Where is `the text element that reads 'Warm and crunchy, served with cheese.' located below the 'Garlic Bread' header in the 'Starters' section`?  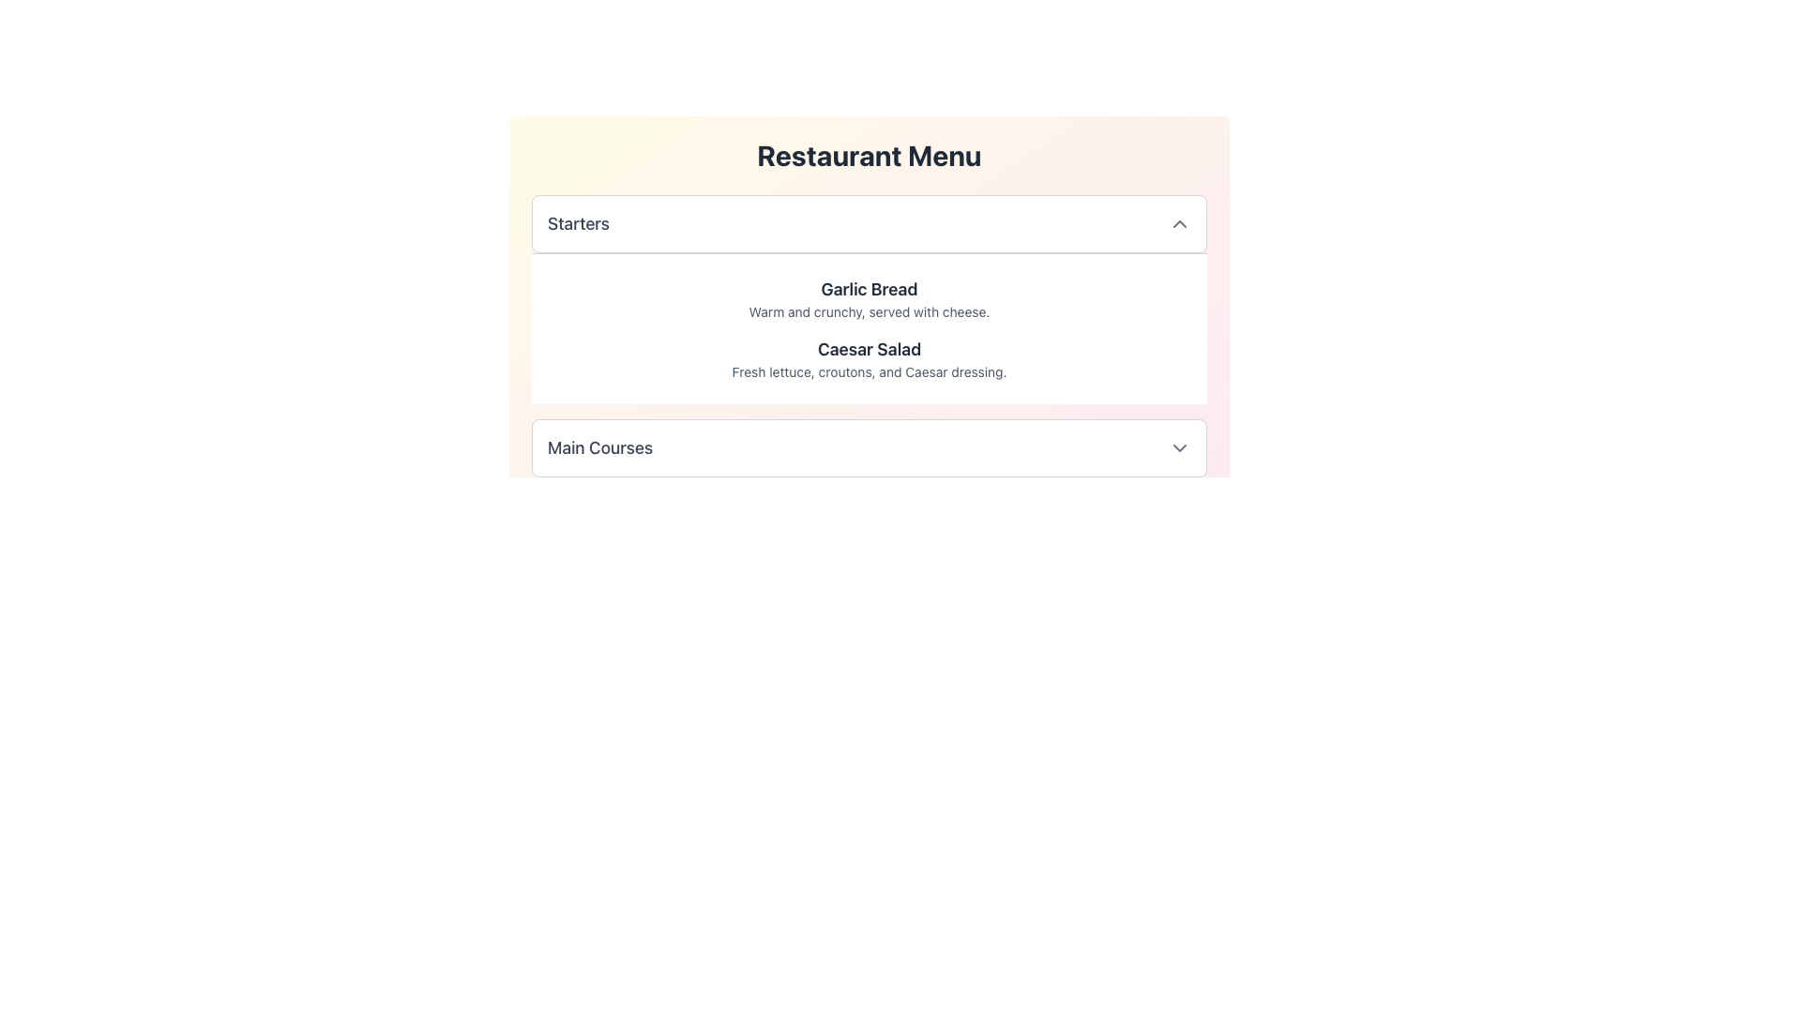 the text element that reads 'Warm and crunchy, served with cheese.' located below the 'Garlic Bread' header in the 'Starters' section is located at coordinates (868, 310).